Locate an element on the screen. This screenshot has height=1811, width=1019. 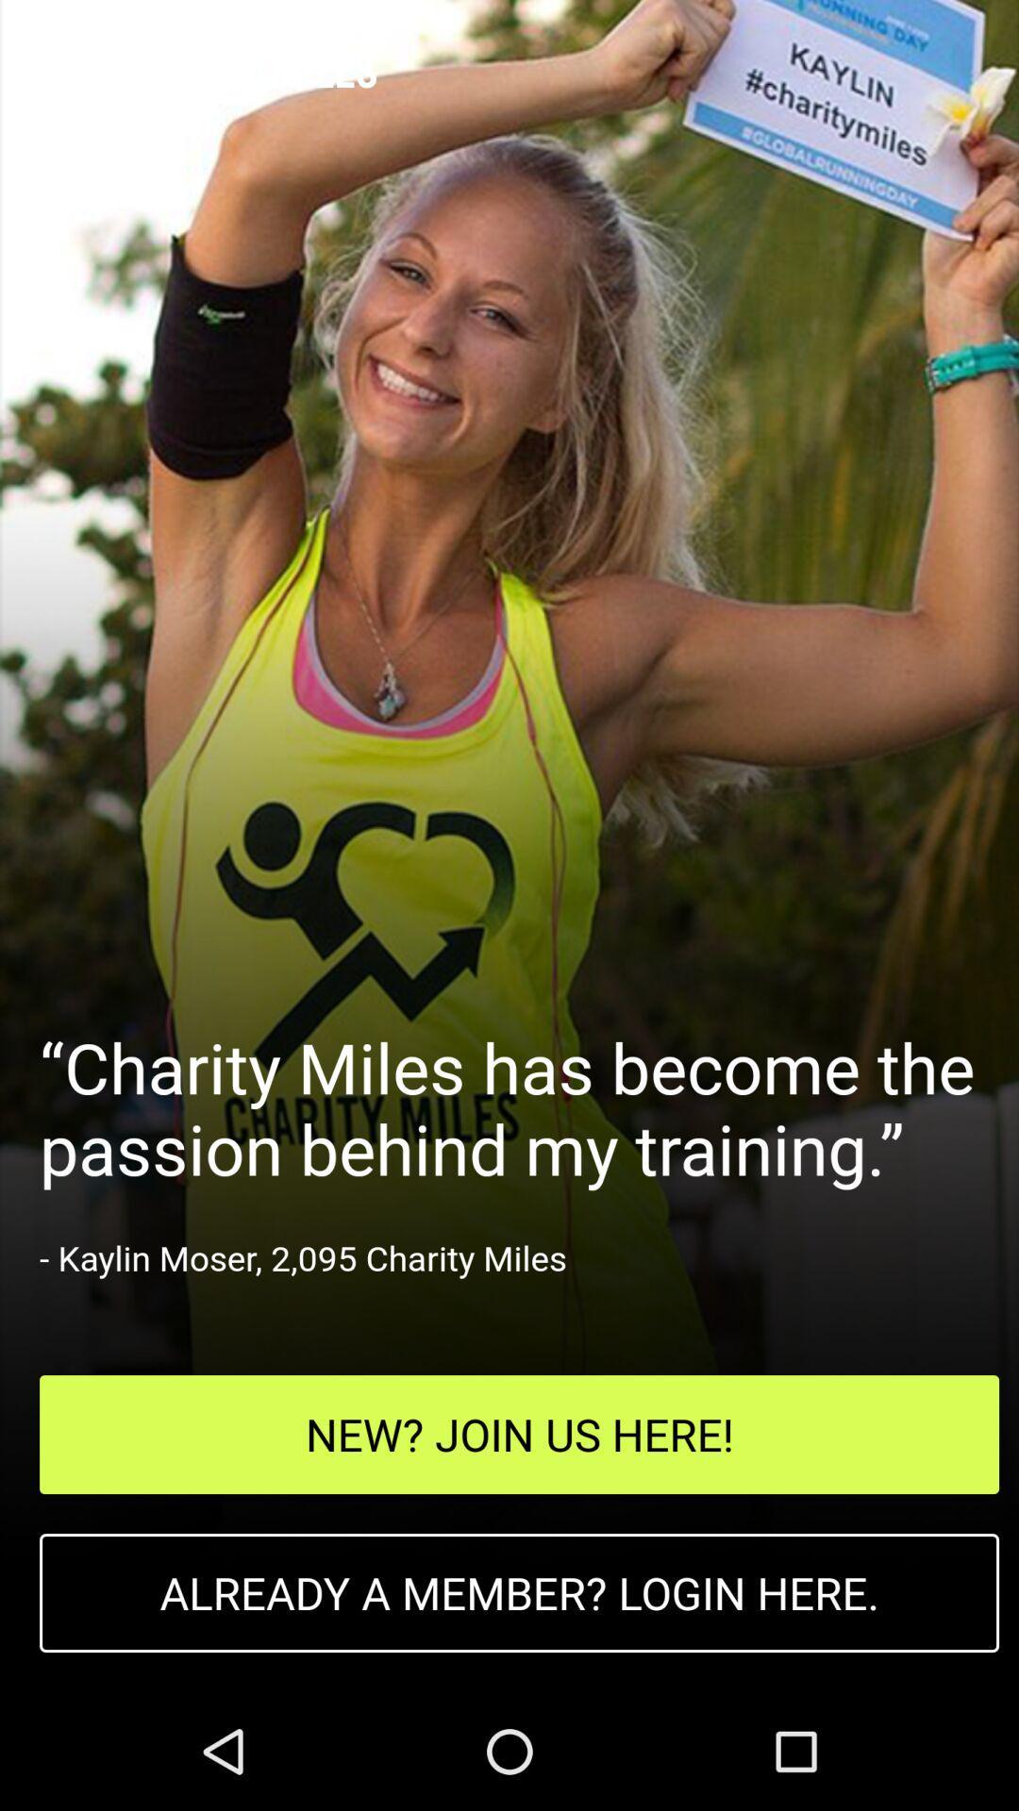
already a member is located at coordinates (519, 1592).